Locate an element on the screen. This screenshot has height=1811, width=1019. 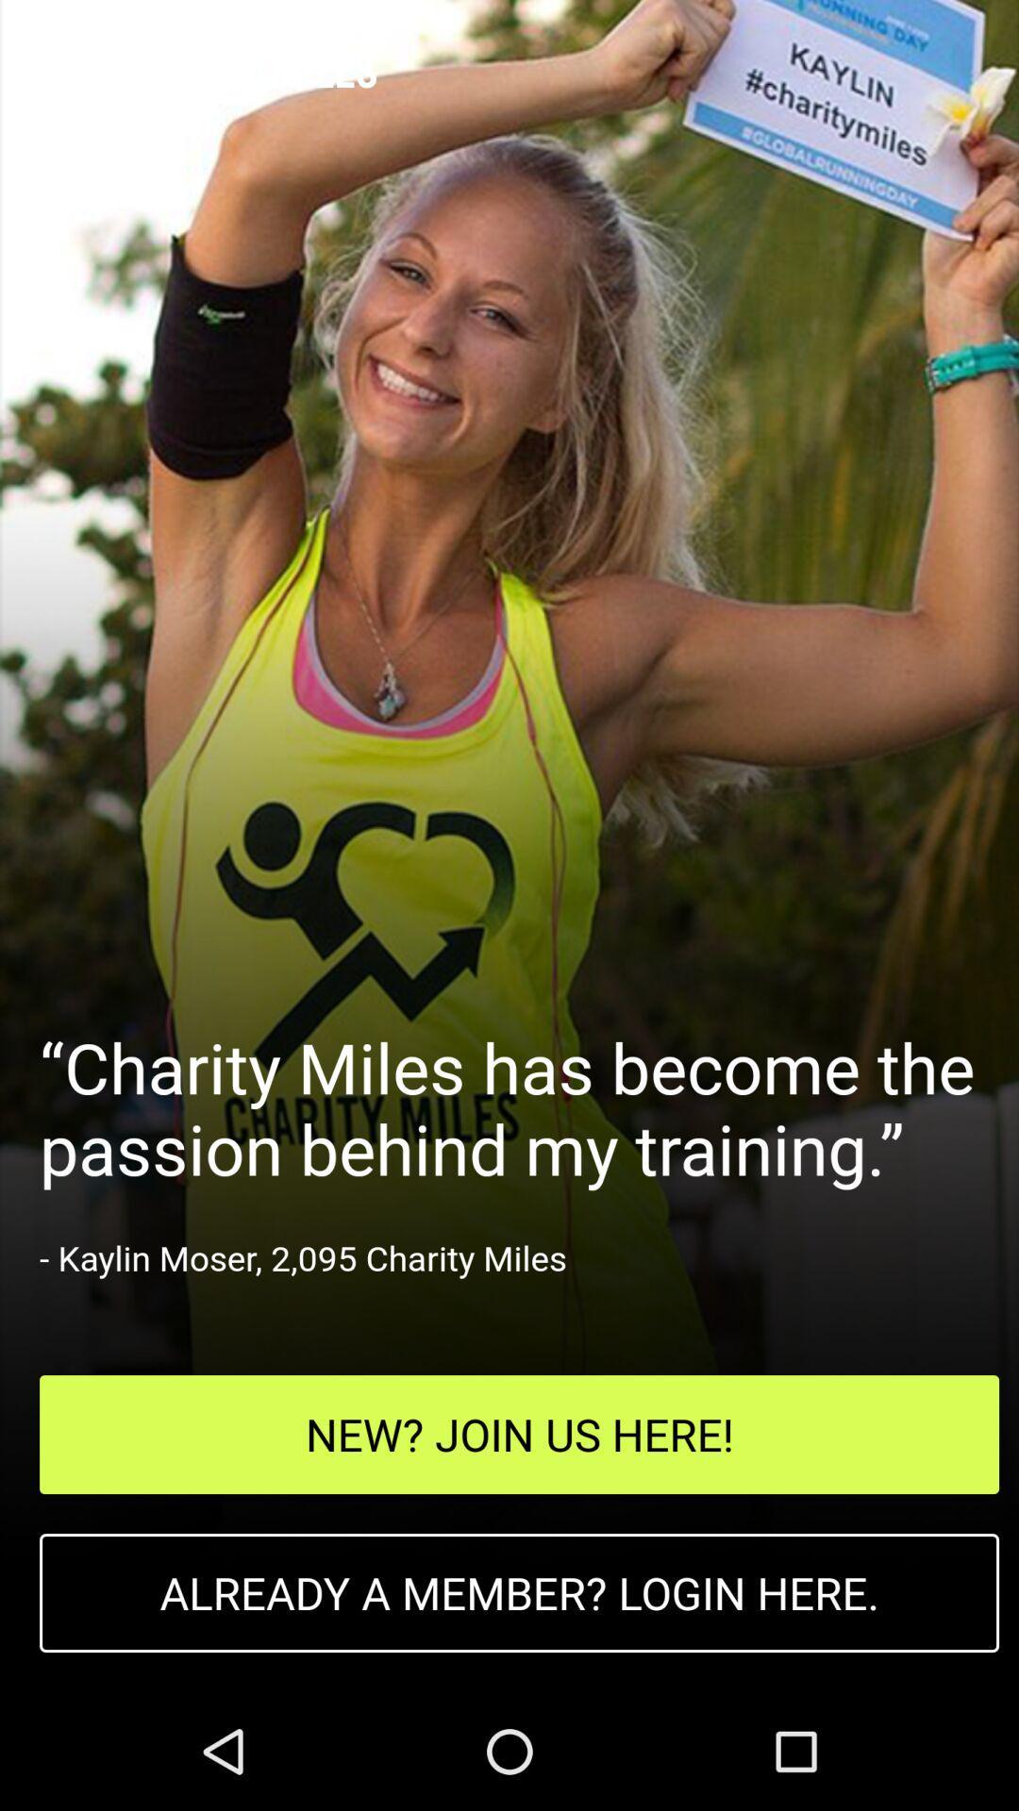
already a member is located at coordinates (519, 1592).